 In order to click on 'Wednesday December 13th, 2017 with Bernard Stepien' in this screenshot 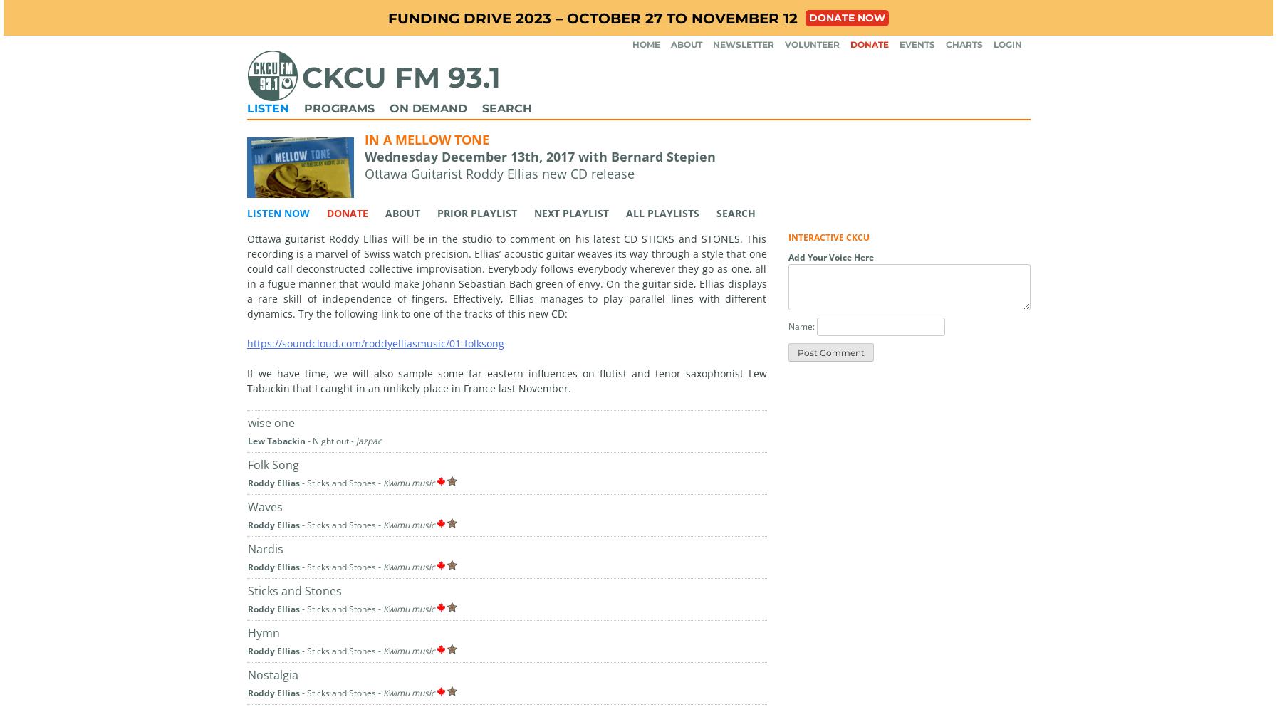, I will do `click(538, 155)`.